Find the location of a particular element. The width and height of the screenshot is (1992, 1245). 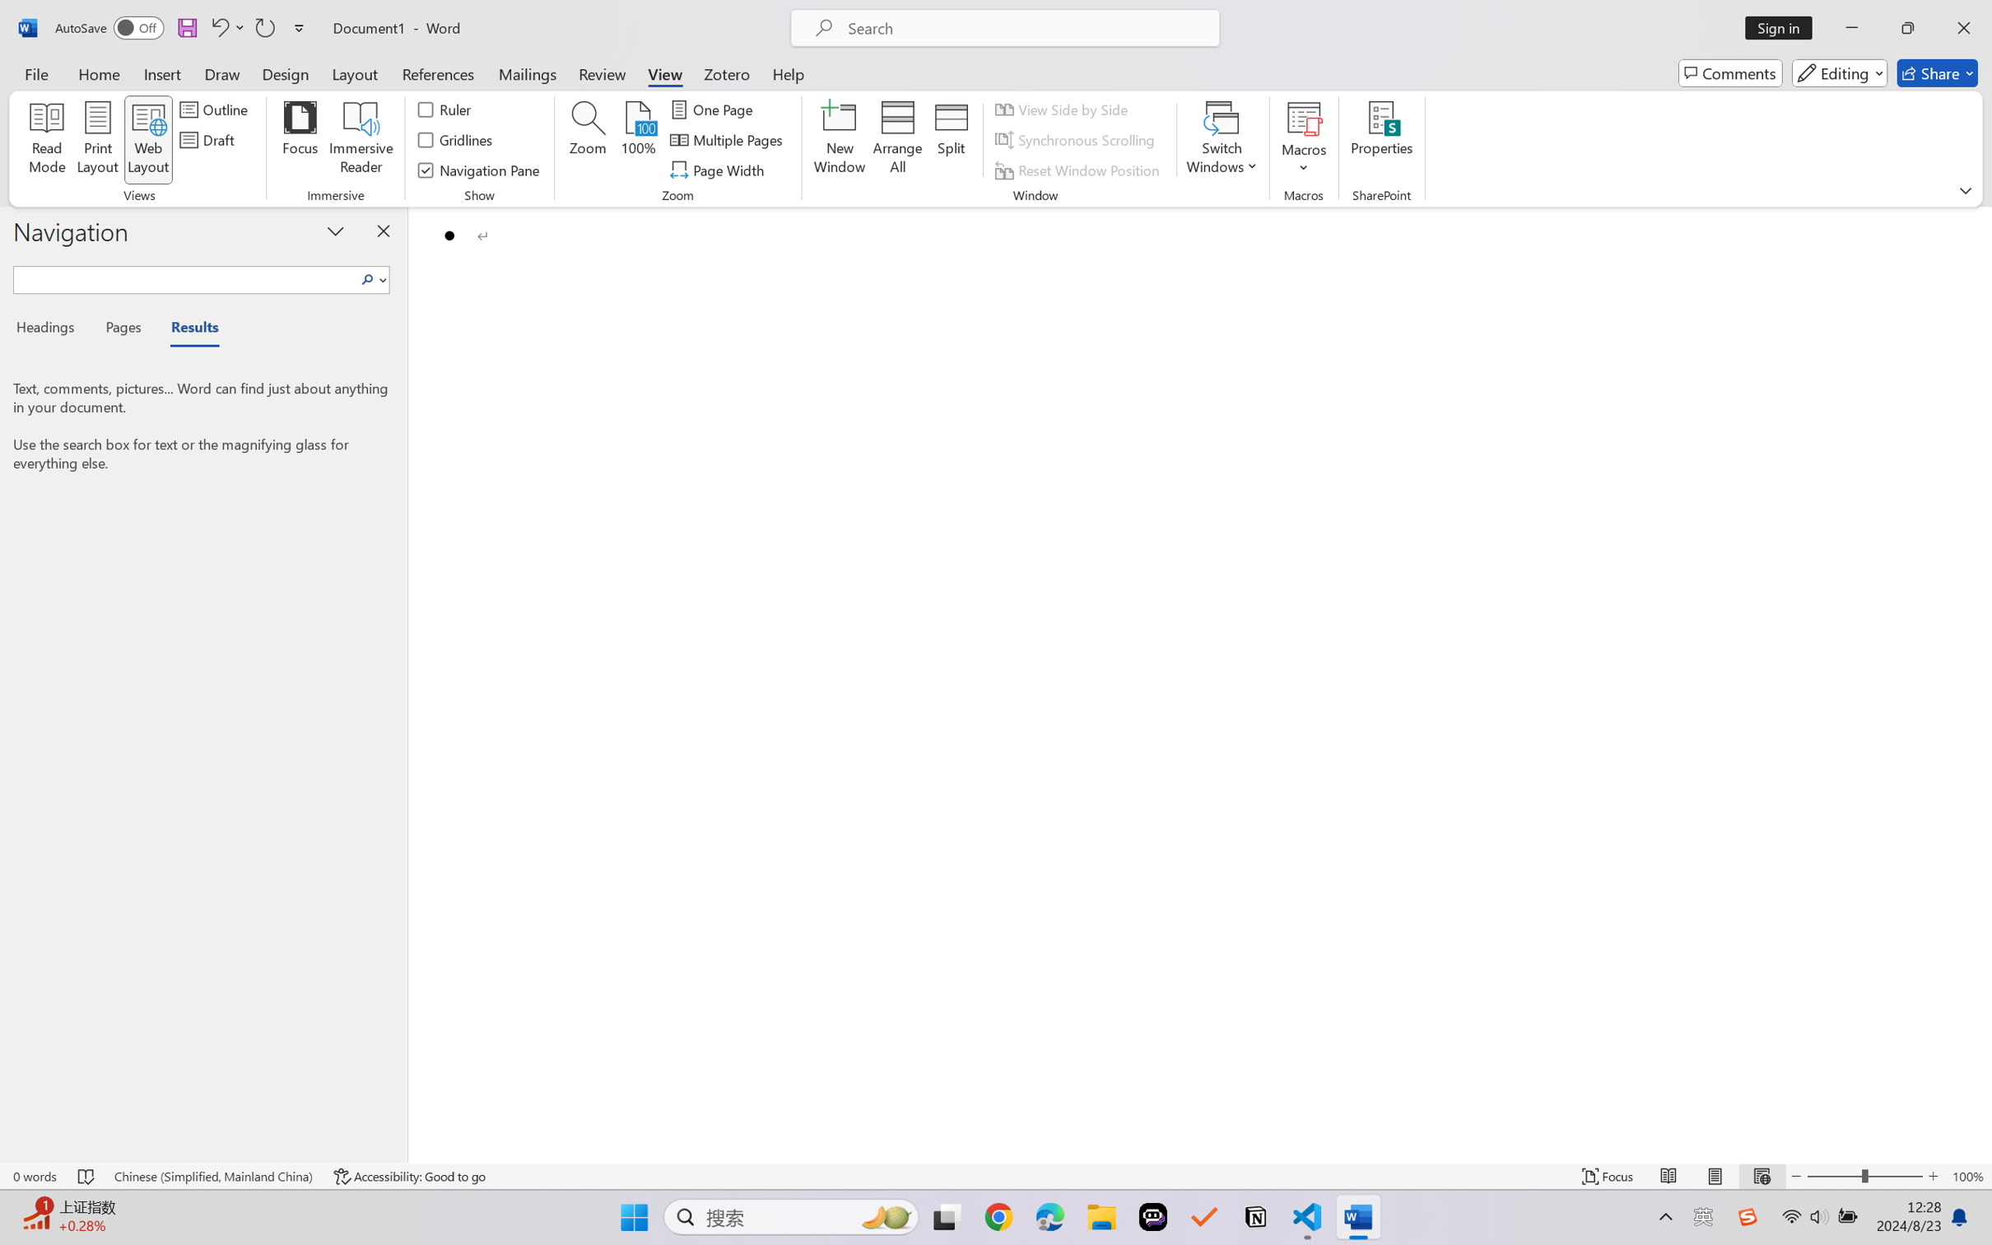

'Immersive Reader' is located at coordinates (361, 140).